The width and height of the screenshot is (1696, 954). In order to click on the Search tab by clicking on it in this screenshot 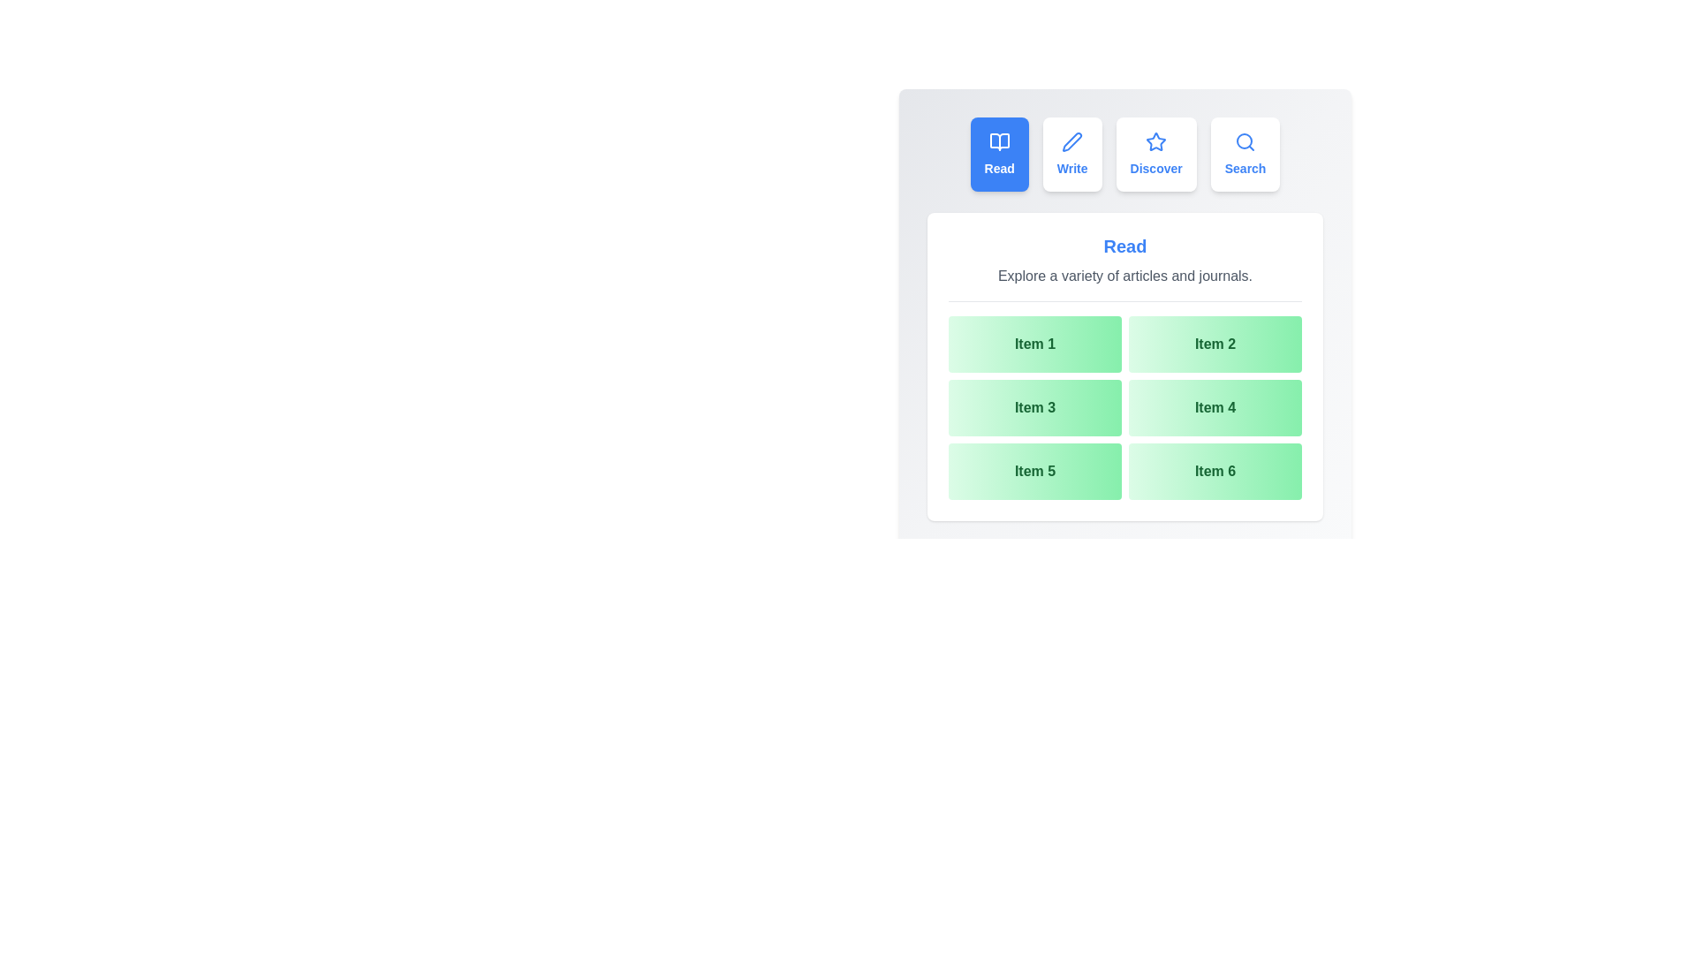, I will do `click(1245, 153)`.